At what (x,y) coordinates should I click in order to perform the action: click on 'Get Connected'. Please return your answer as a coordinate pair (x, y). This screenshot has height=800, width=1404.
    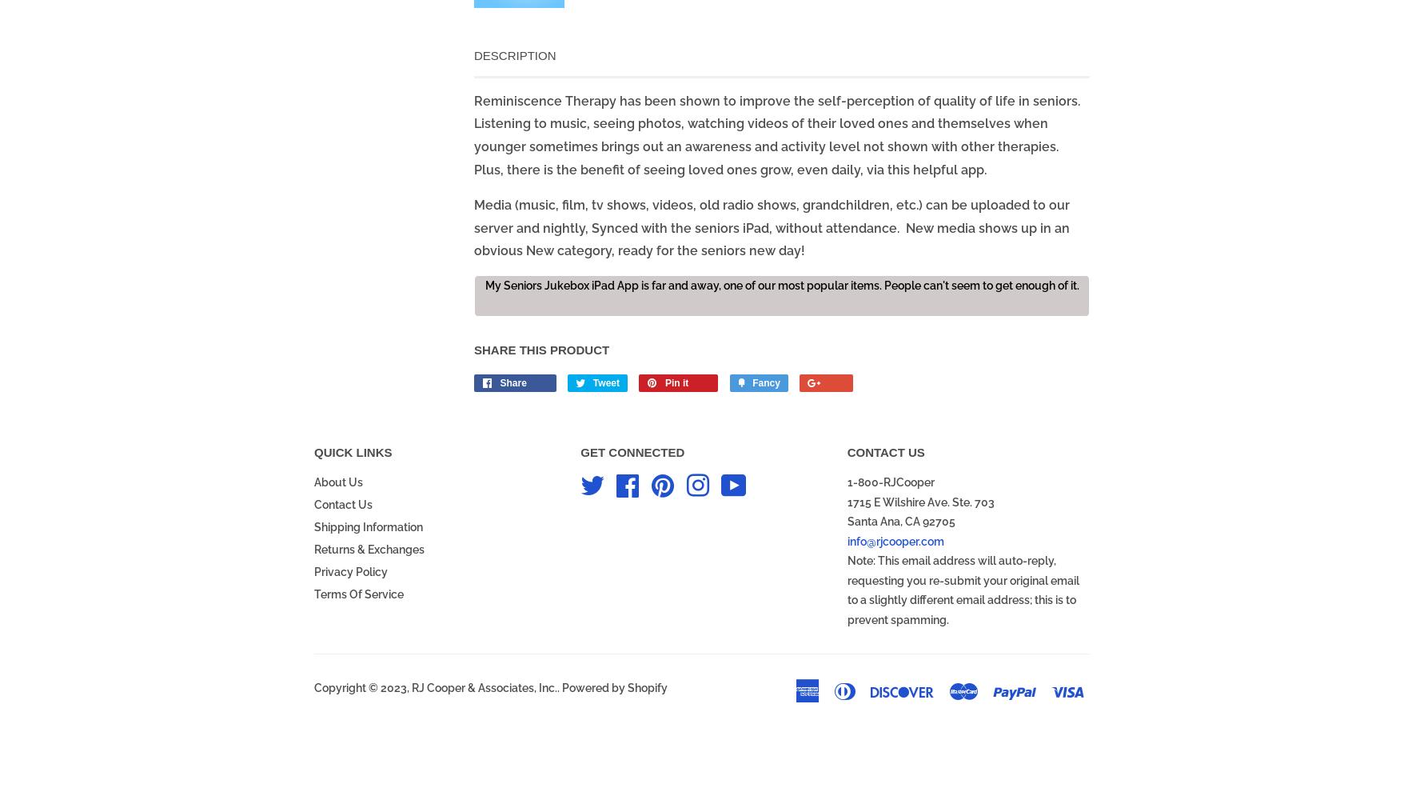
    Looking at the image, I should click on (632, 451).